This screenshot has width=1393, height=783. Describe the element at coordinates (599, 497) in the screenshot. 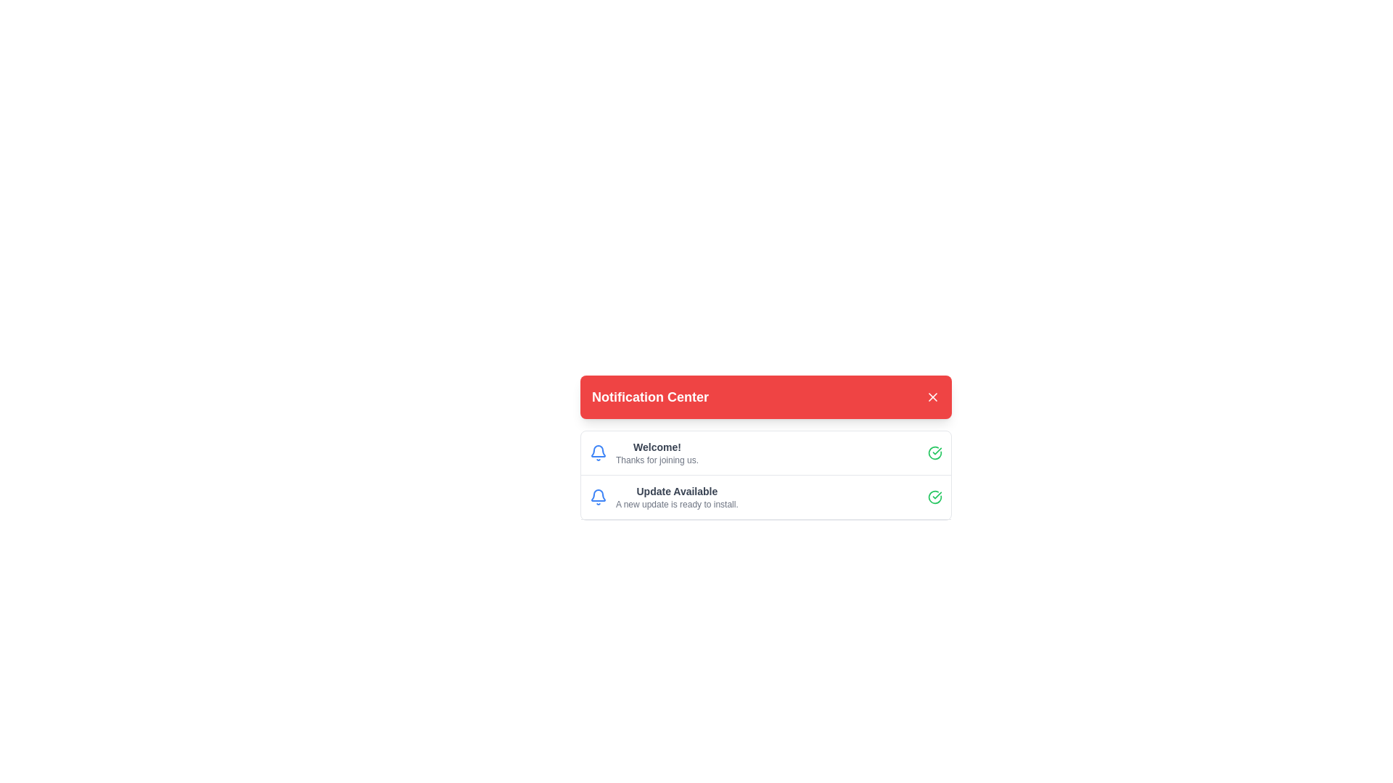

I see `the notification icon located in the second row, aligned to the left, just before the text 'Update Available'` at that location.